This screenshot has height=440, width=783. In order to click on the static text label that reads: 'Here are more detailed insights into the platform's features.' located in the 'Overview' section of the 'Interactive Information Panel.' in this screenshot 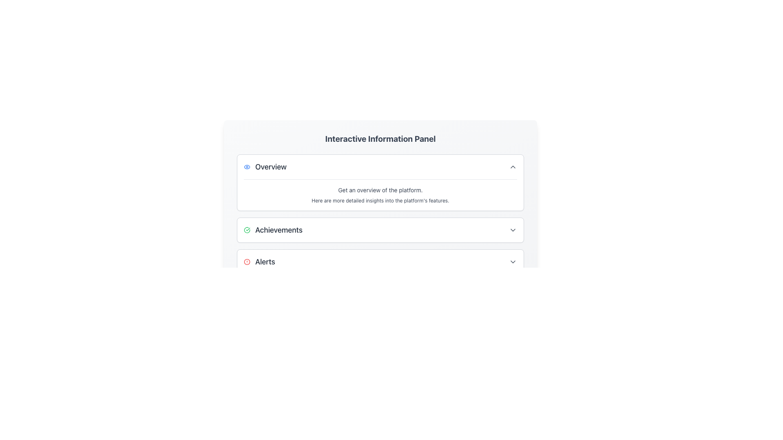, I will do `click(380, 201)`.